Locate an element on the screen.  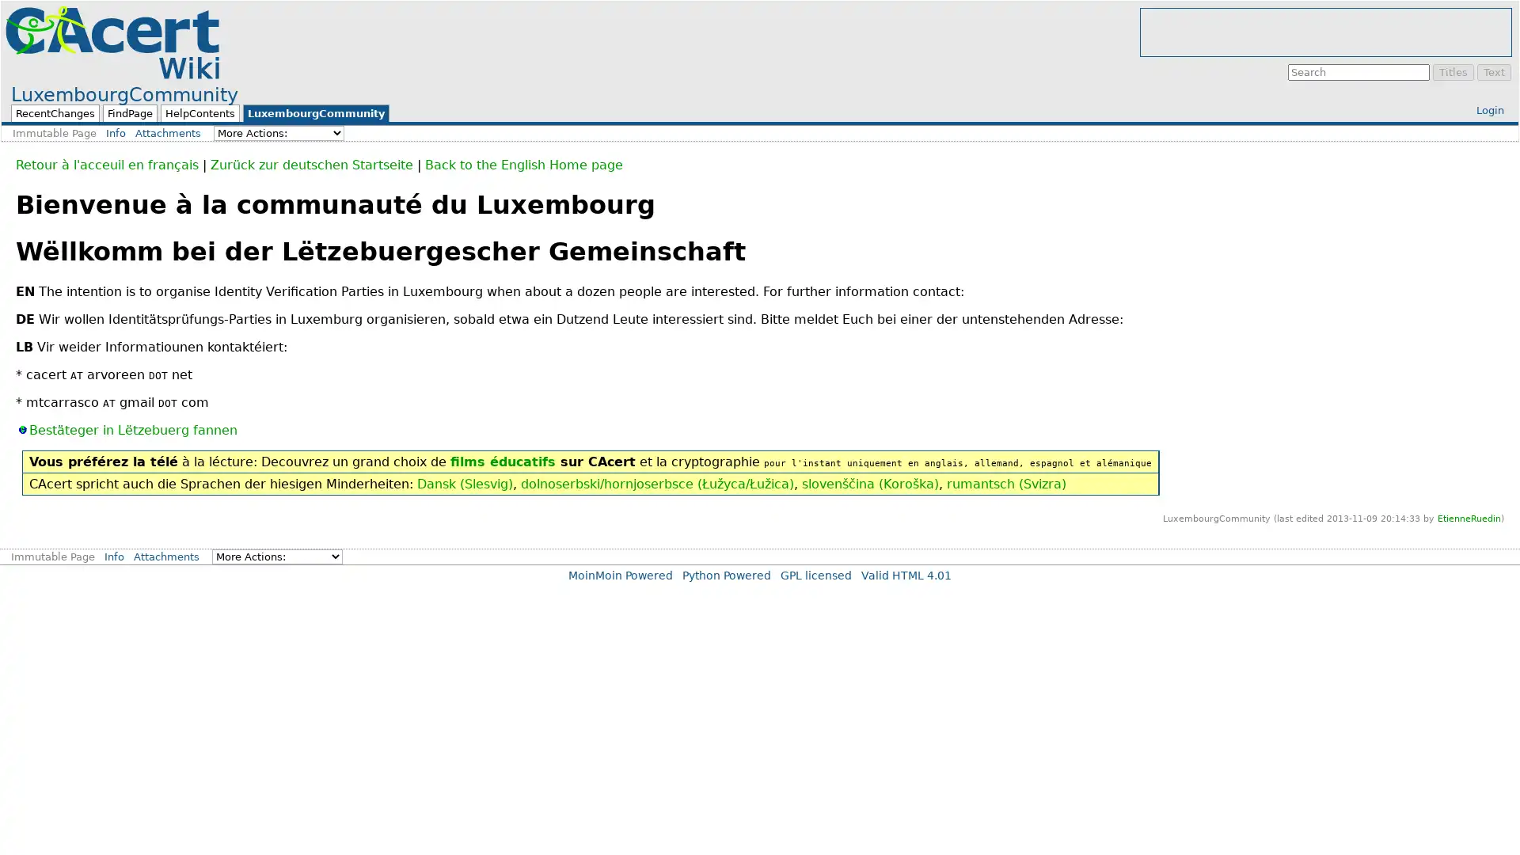
Titles is located at coordinates (1453, 72).